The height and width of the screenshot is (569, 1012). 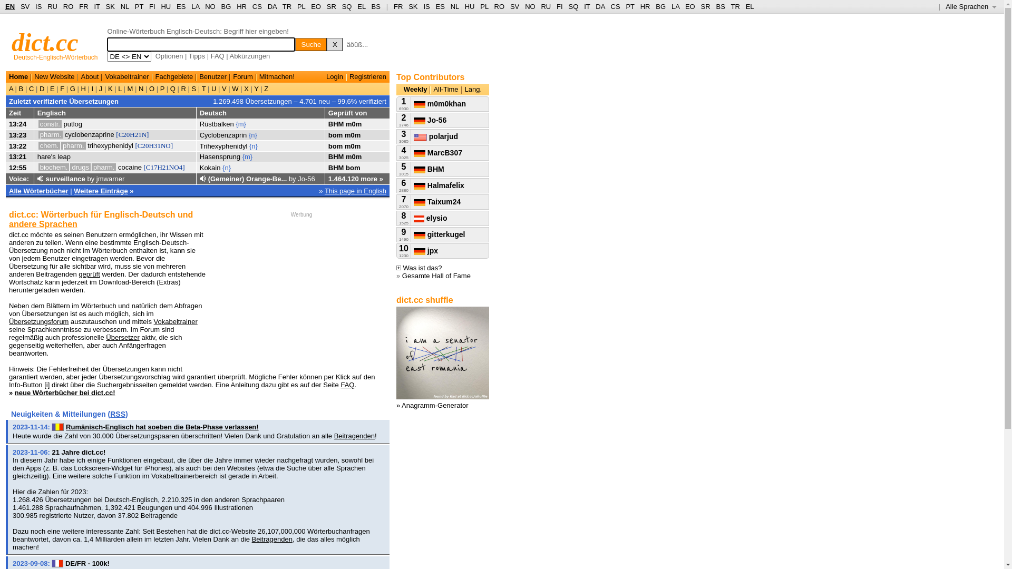 I want to click on 'hare's leap', so click(x=53, y=156).